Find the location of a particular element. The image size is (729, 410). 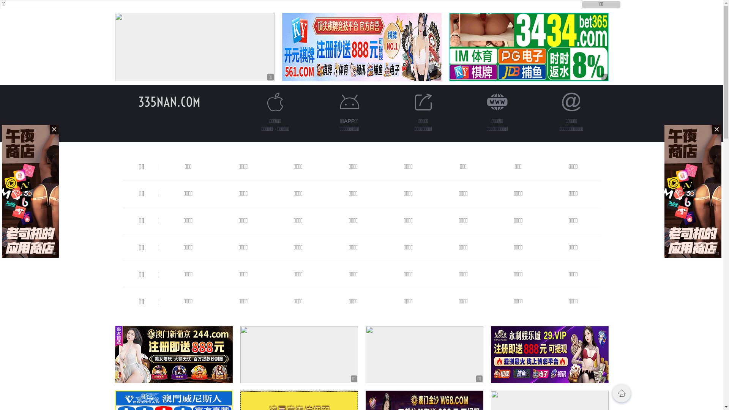

'335NAN.COM' is located at coordinates (169, 101).